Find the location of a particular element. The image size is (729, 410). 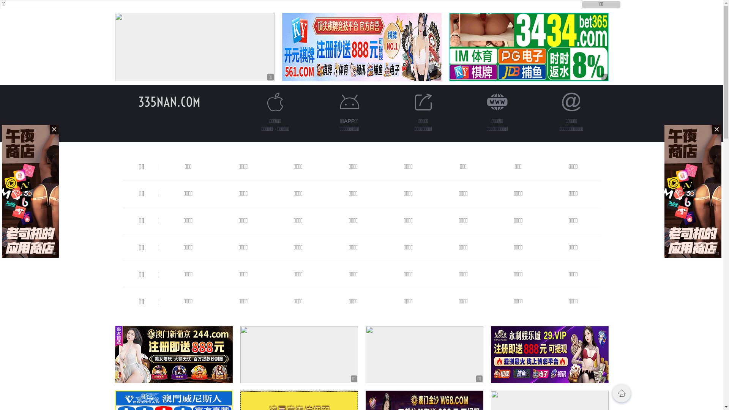

'335NAN.COM' is located at coordinates (169, 101).